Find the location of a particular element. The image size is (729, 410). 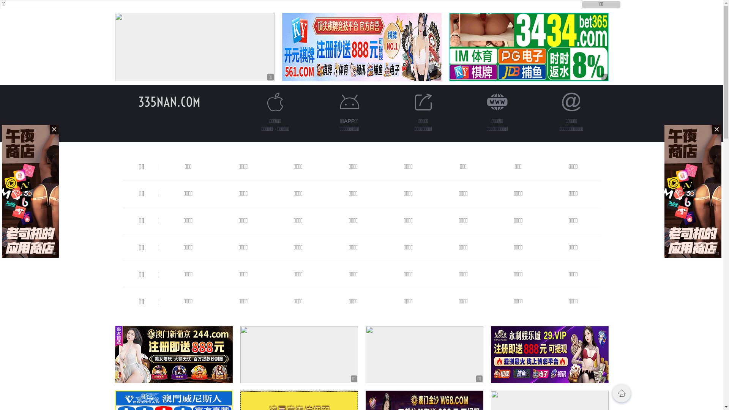

'335NAN.COM' is located at coordinates (169, 101).